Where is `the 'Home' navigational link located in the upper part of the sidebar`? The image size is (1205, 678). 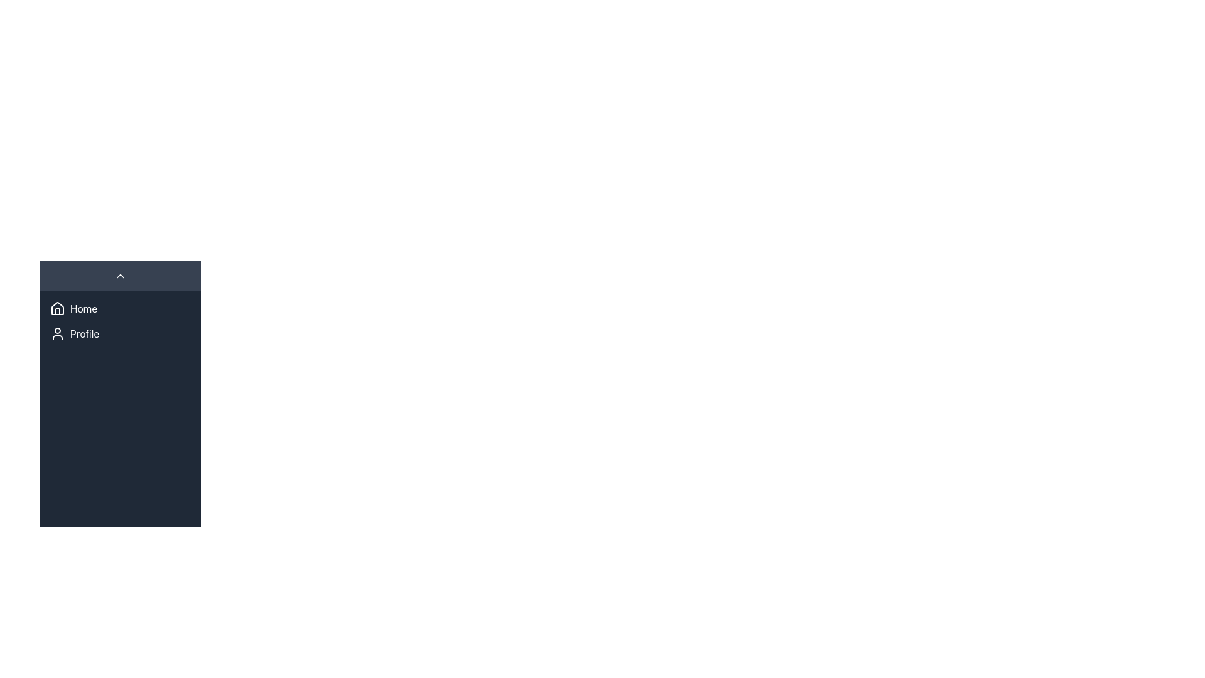
the 'Home' navigational link located in the upper part of the sidebar is located at coordinates (120, 309).